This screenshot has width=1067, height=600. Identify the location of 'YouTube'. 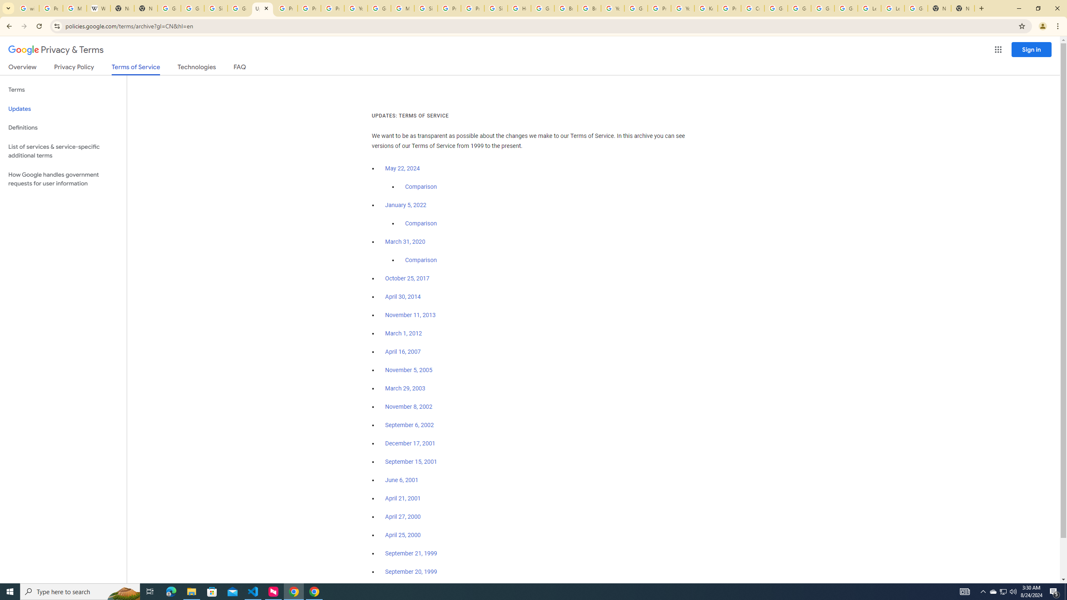
(355, 8).